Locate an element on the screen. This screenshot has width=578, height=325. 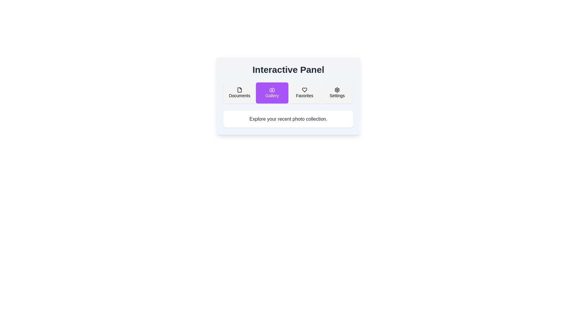
the camera icon which is located at the center of the purple card labeled 'Gallery.' This icon features a rounded top section and a circular lens-like area, and it is the second card from the left within a horizontally aligned panel is located at coordinates (272, 90).